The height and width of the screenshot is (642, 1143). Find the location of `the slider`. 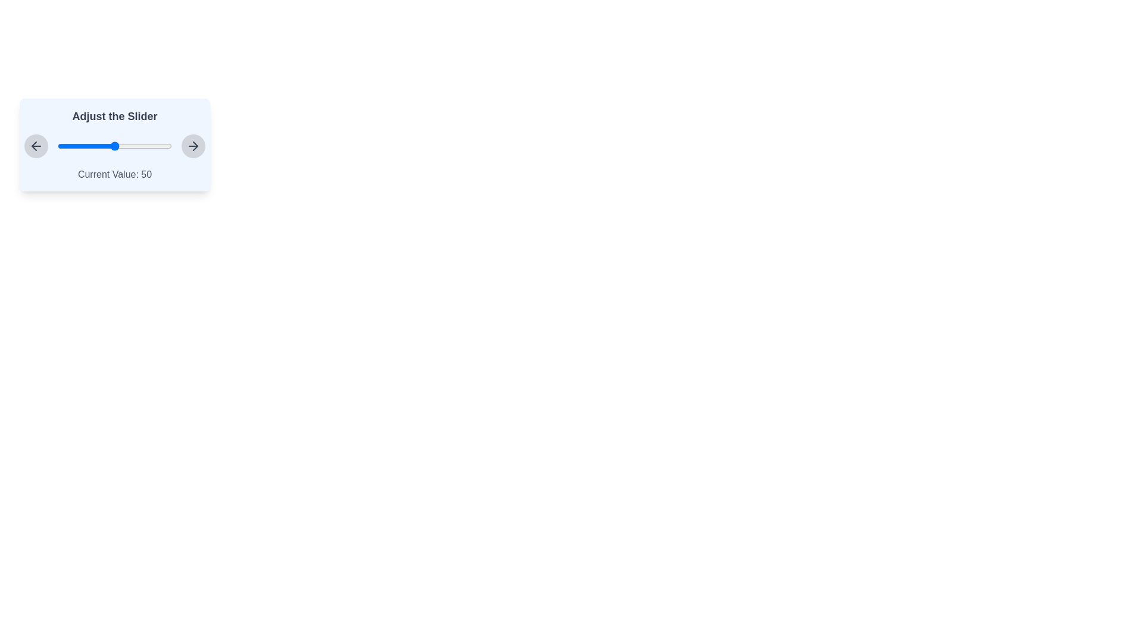

the slider is located at coordinates (133, 146).